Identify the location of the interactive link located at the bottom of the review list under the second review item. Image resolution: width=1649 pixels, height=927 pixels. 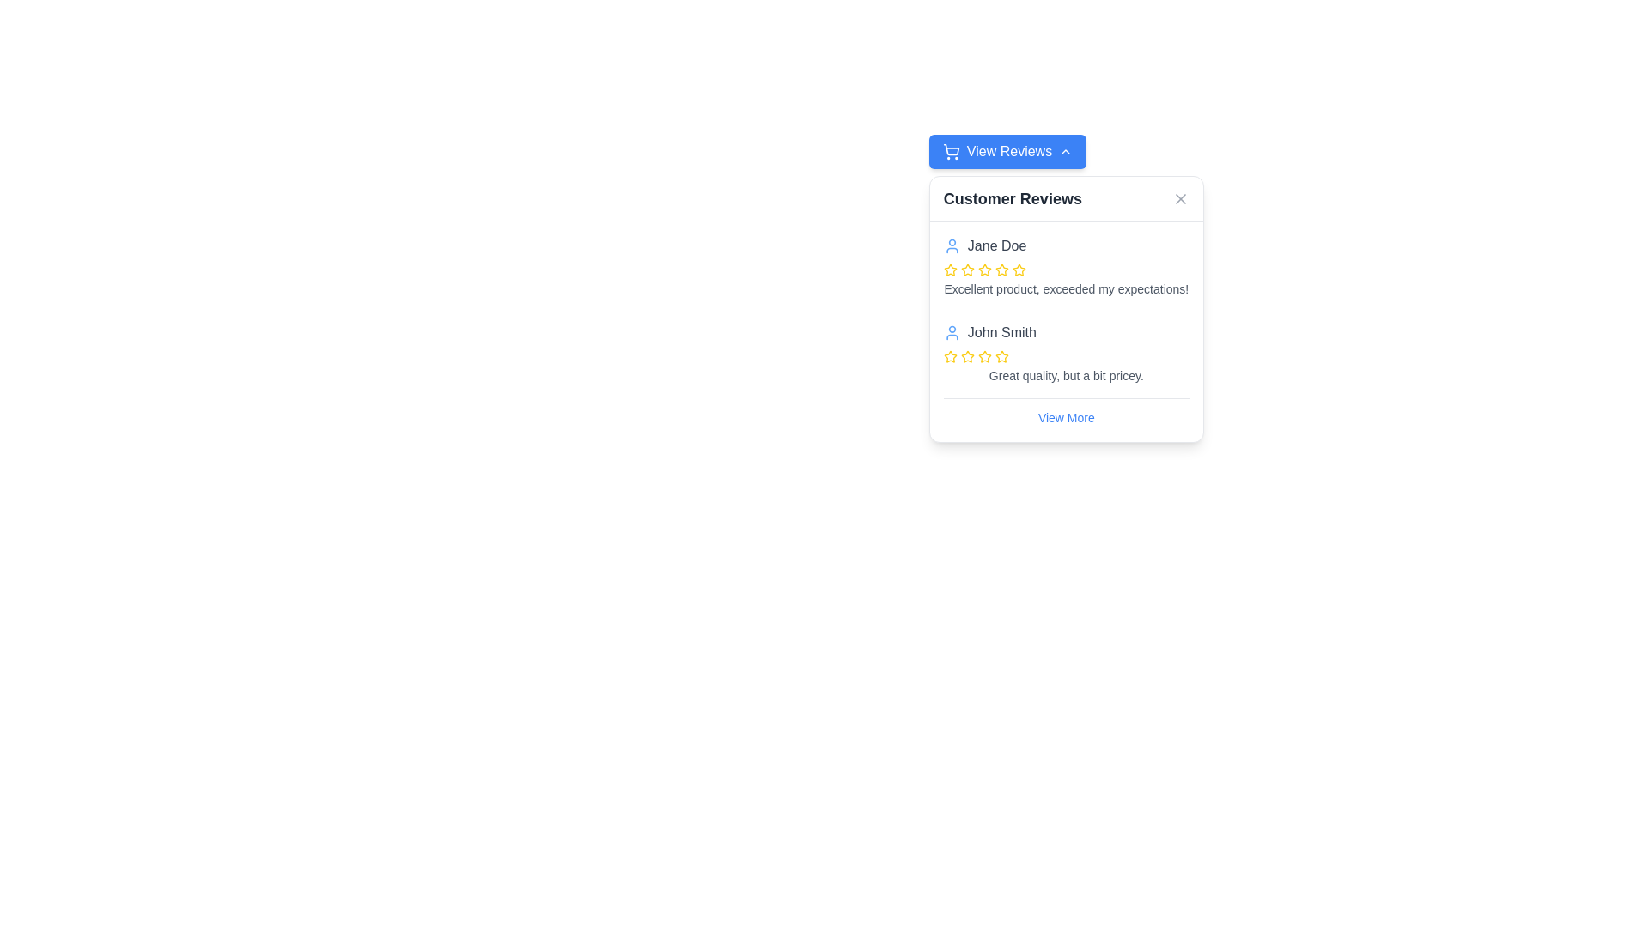
(1065, 417).